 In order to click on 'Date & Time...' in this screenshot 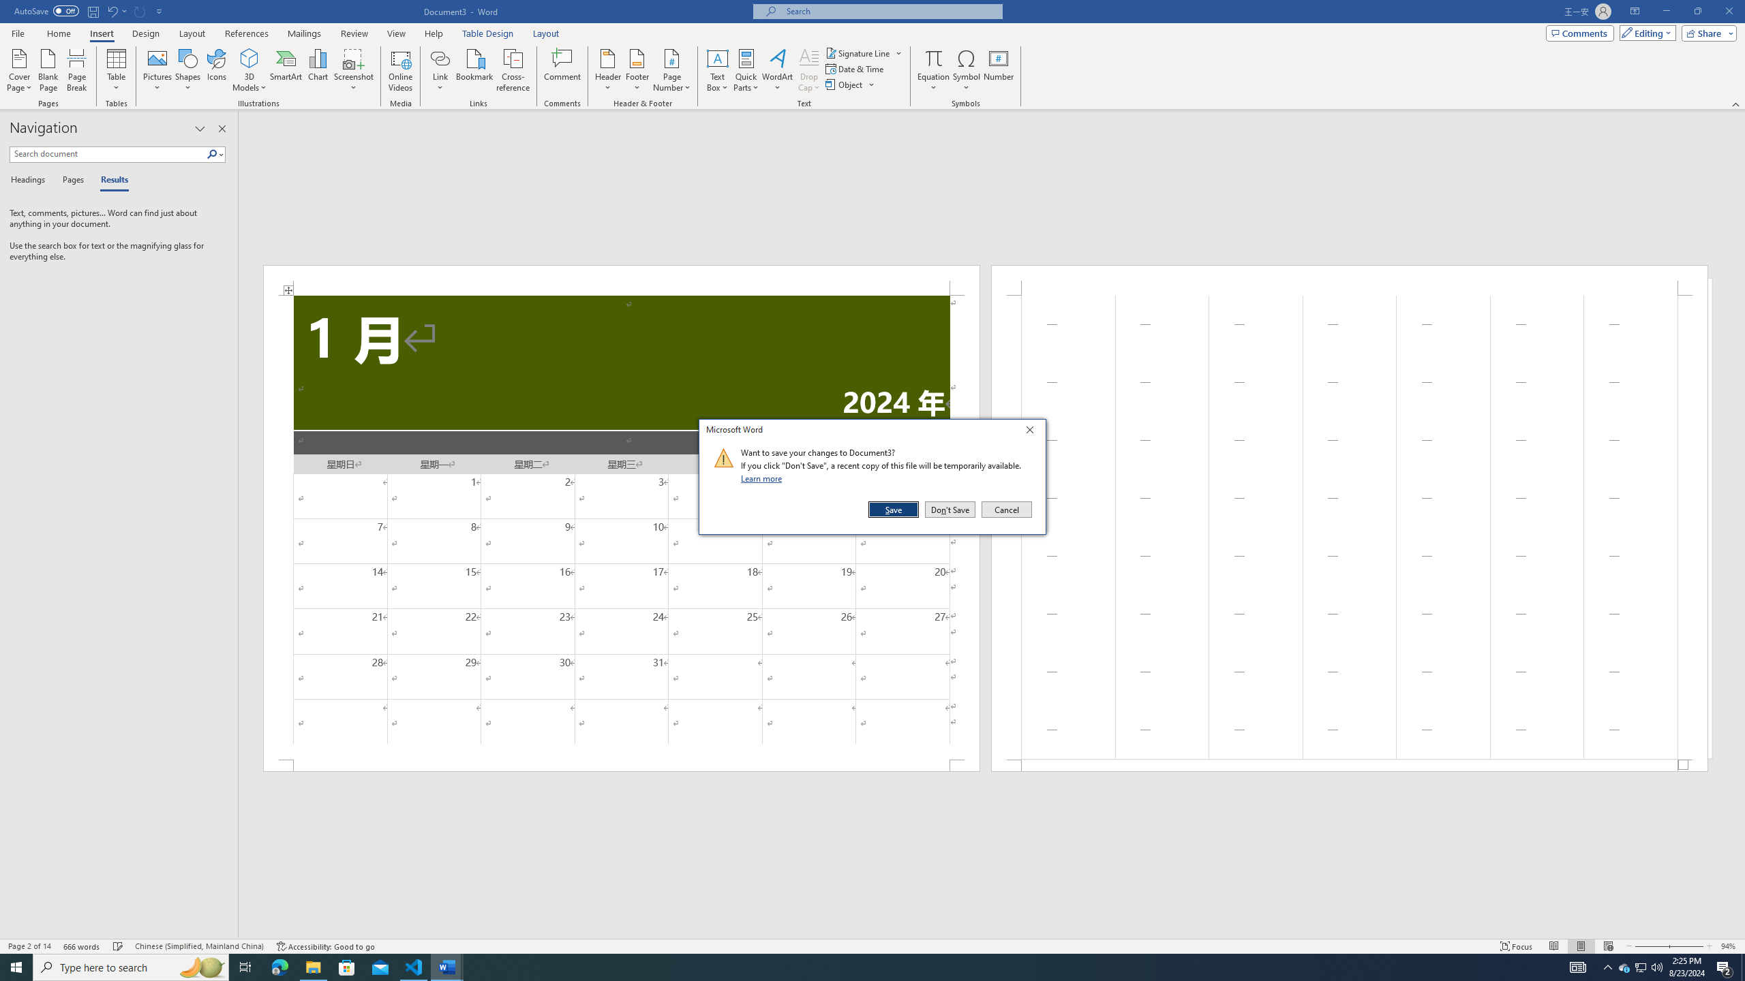, I will do `click(855, 67)`.